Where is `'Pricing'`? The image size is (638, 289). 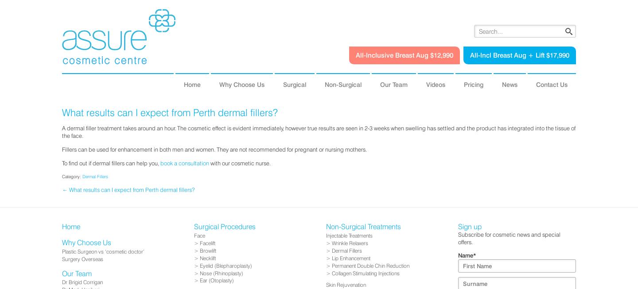
'Pricing' is located at coordinates (474, 84).